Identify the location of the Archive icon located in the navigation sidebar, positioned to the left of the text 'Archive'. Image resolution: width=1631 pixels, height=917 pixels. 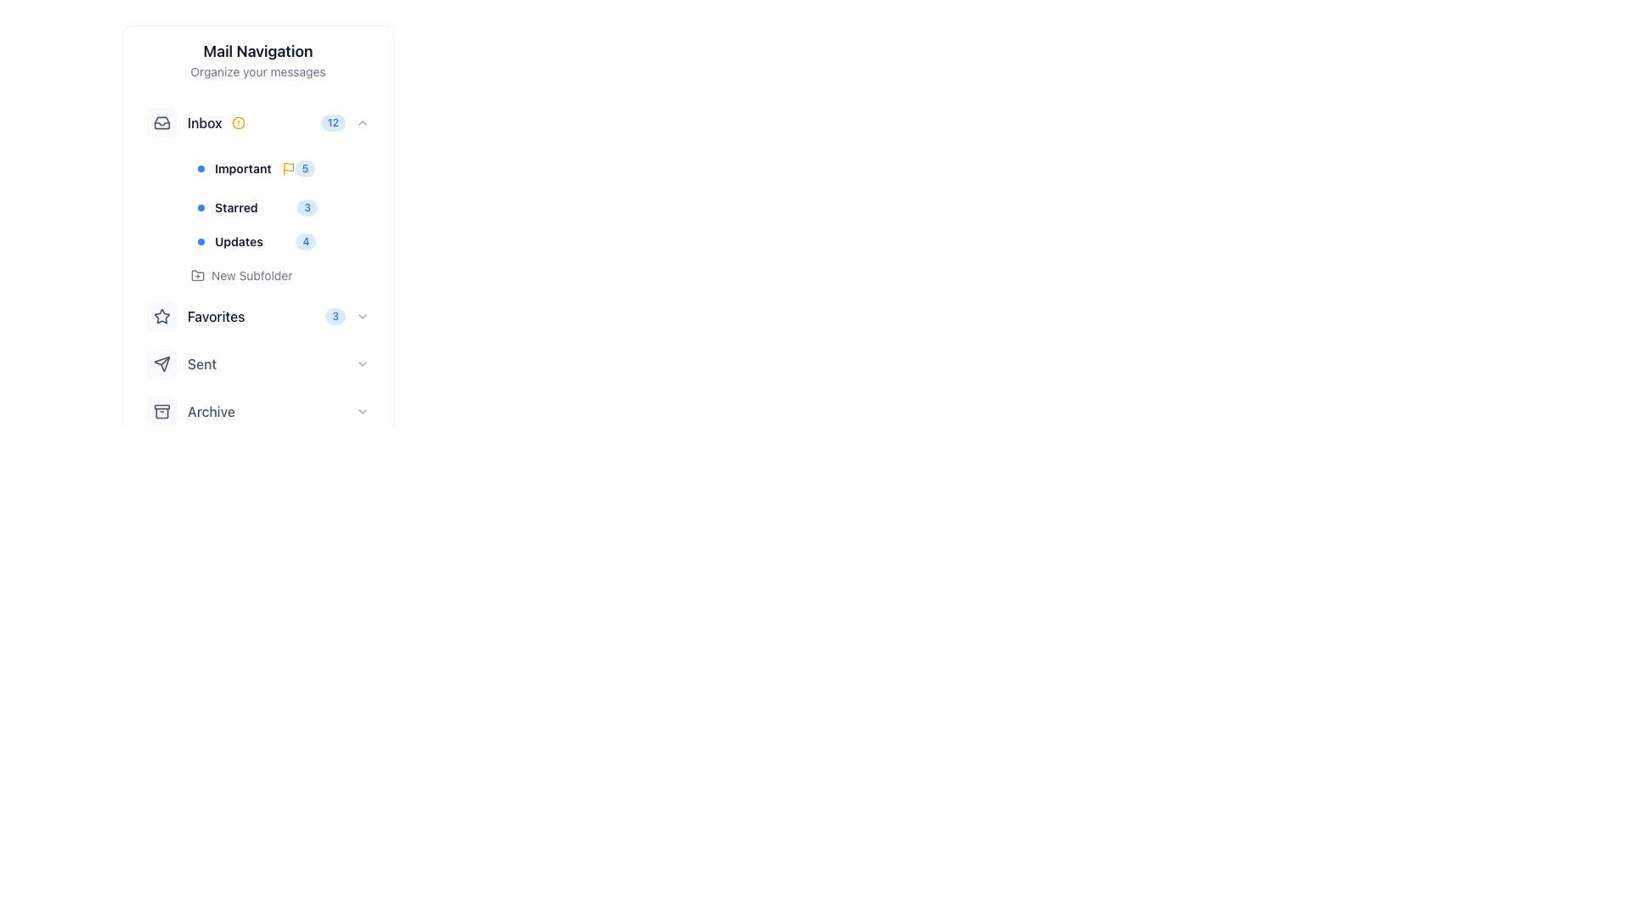
(162, 412).